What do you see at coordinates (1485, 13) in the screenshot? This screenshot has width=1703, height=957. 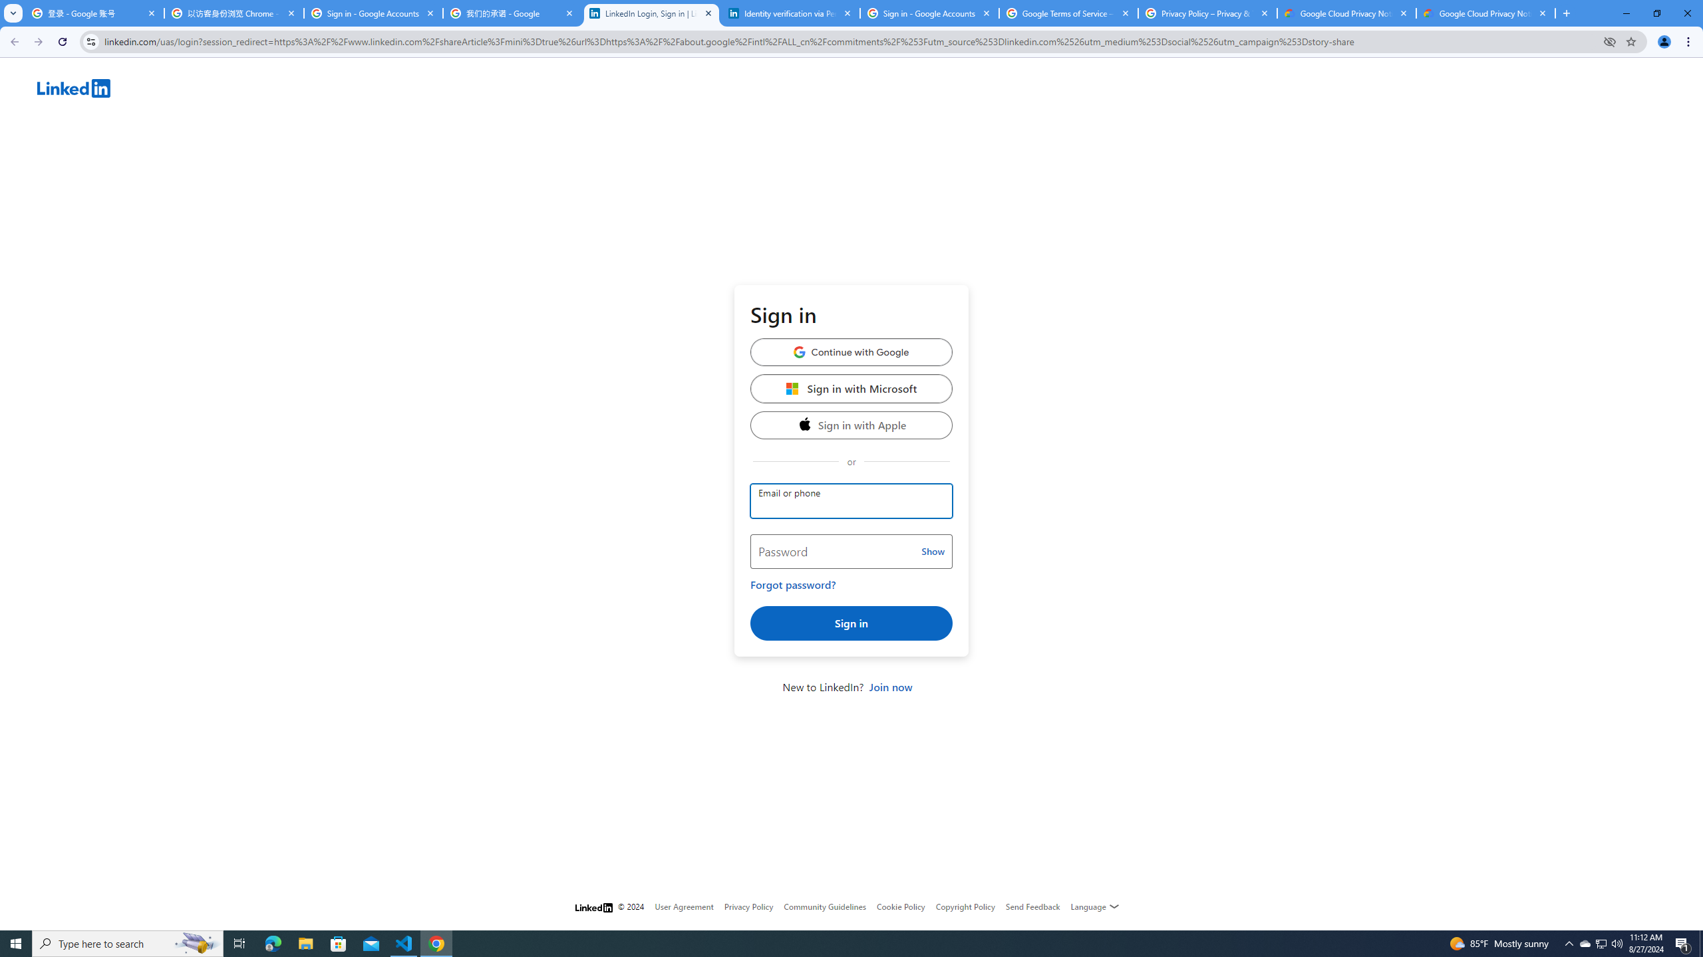 I see `'Google Cloud Privacy Notice'` at bounding box center [1485, 13].